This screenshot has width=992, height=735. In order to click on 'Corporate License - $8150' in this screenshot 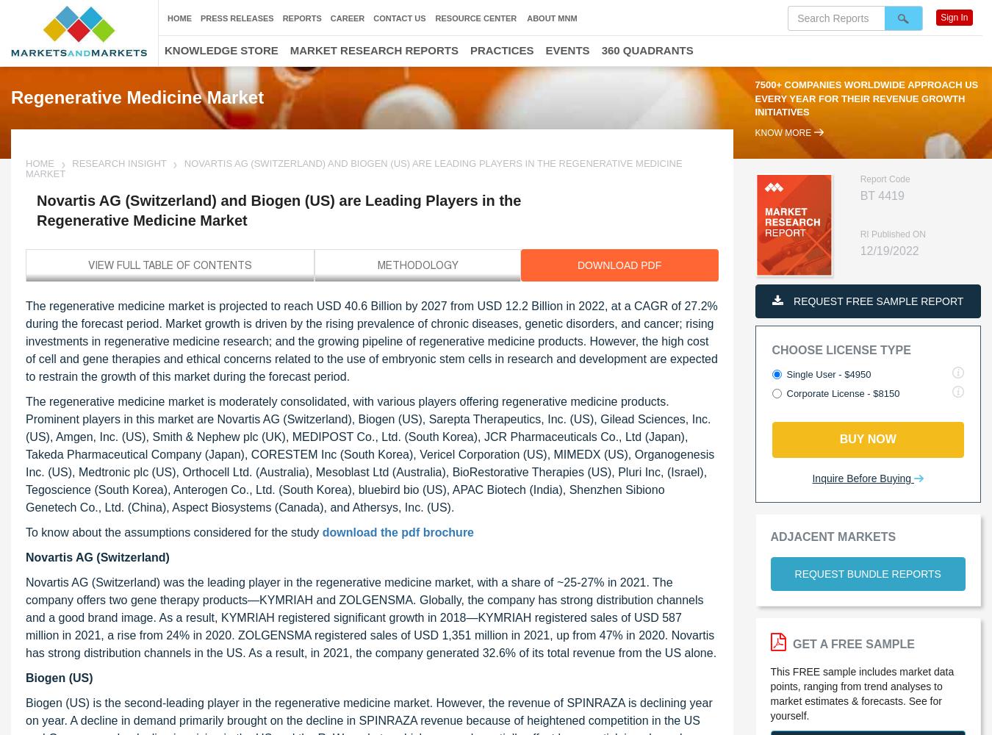, I will do `click(841, 393)`.